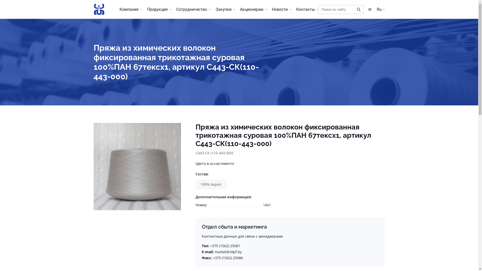 The height and width of the screenshot is (271, 482). What do you see at coordinates (213, 258) in the screenshot?
I see `'+375 (1562) 25086'` at bounding box center [213, 258].